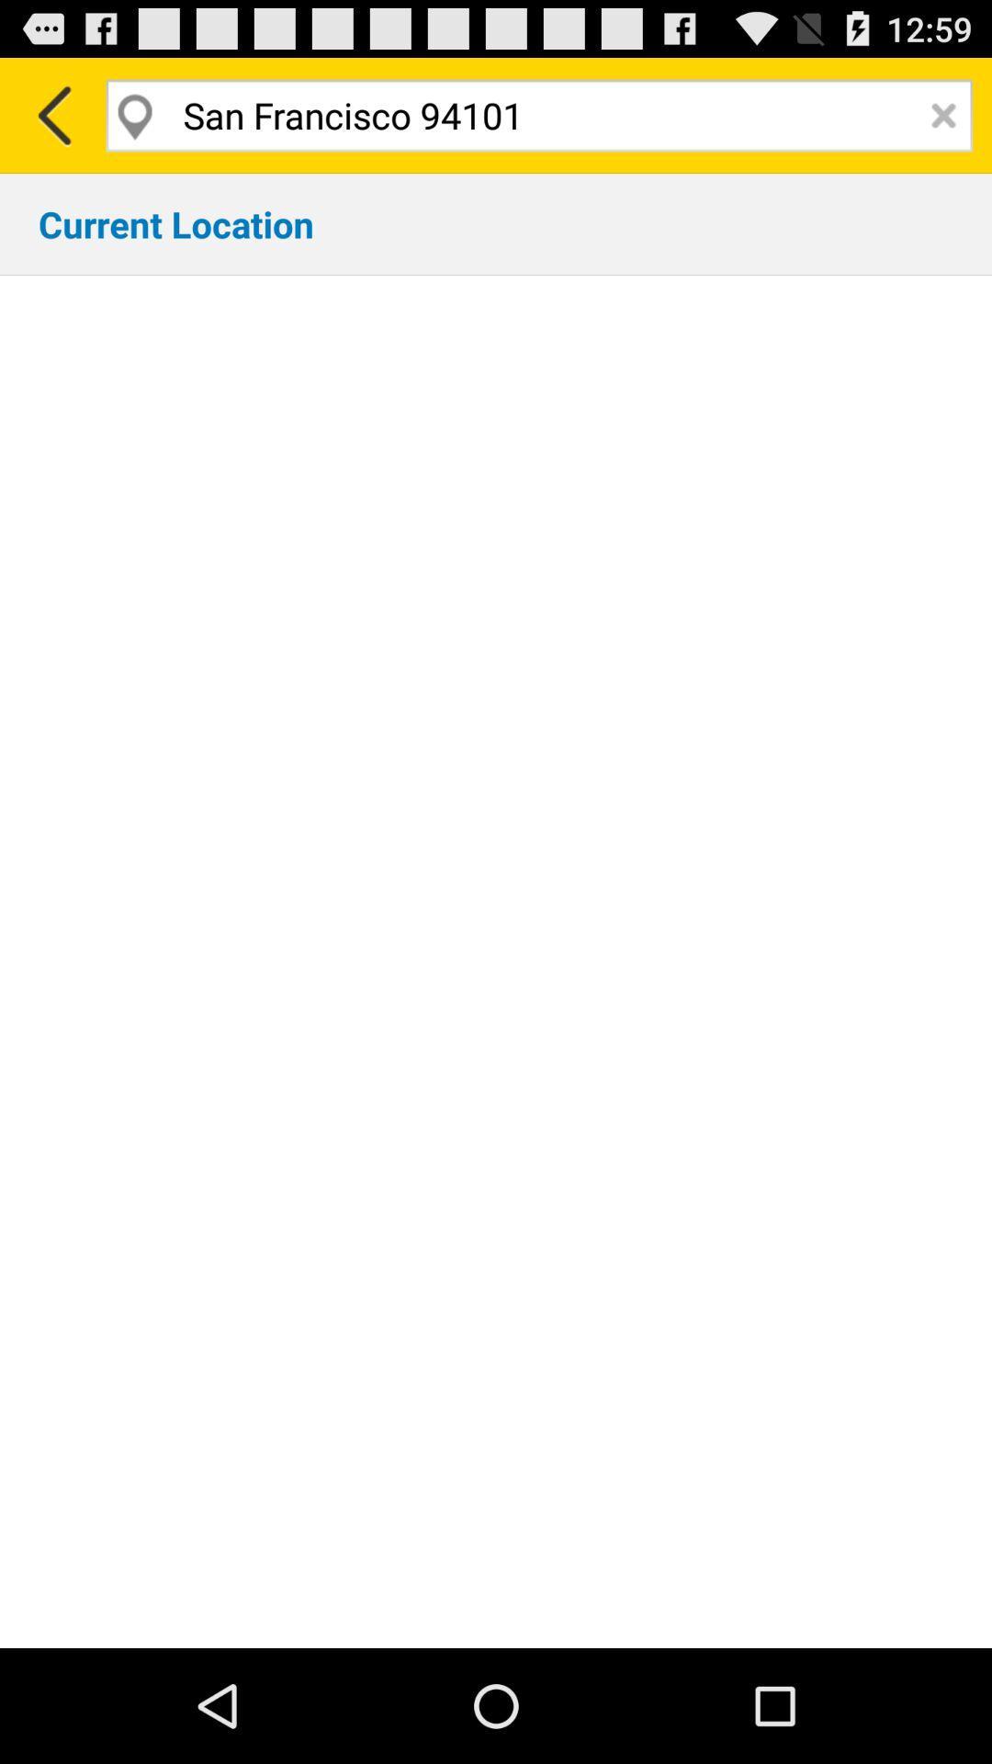  Describe the element at coordinates (943, 114) in the screenshot. I see `the window` at that location.